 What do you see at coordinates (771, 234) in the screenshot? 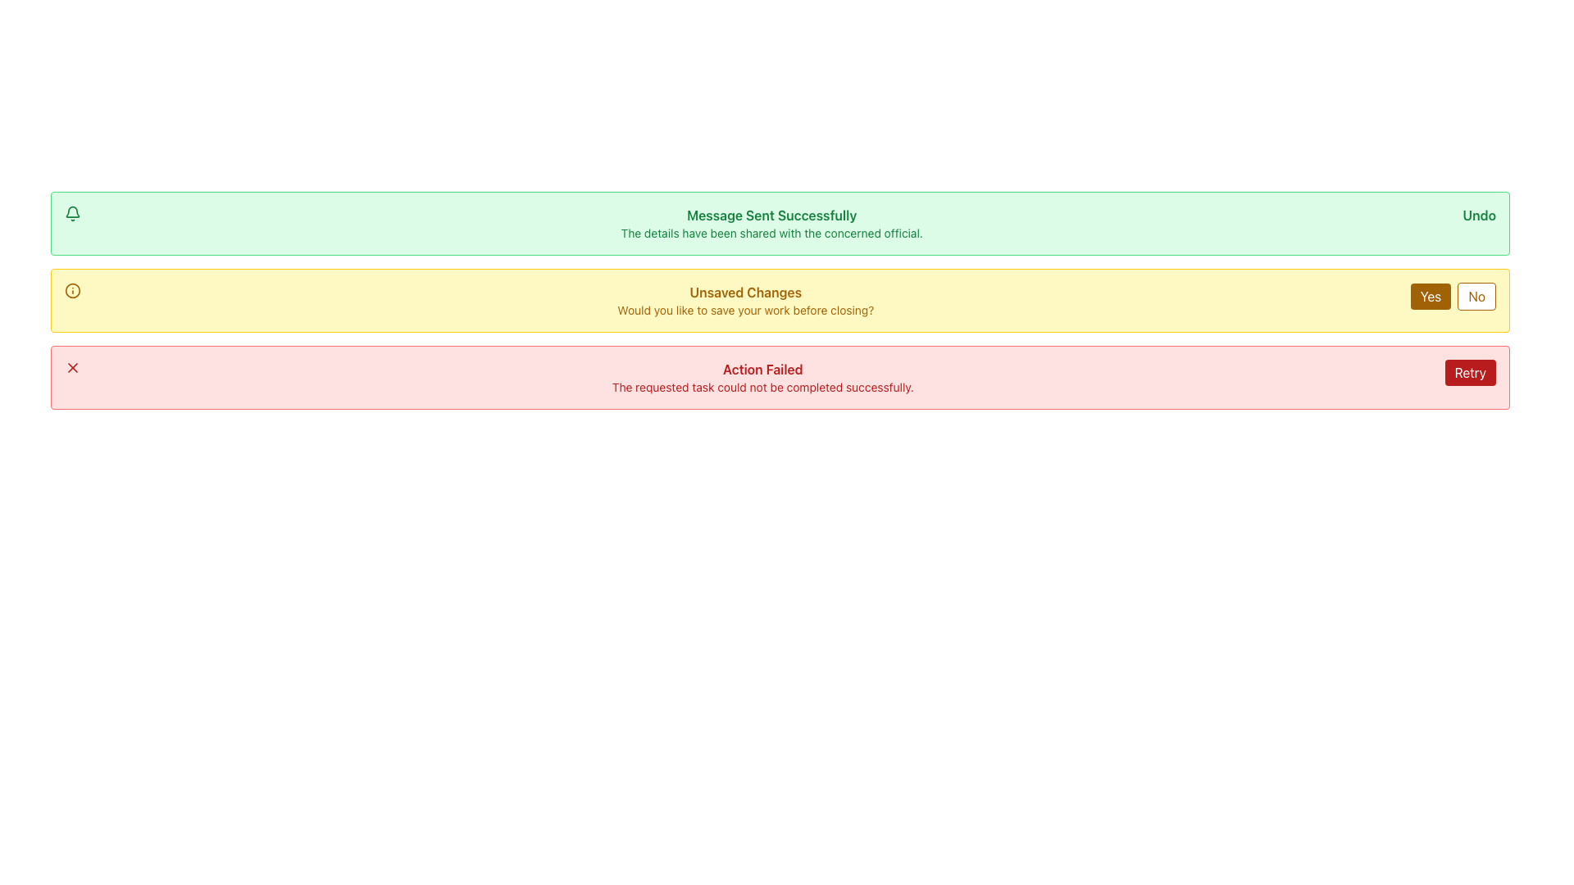
I see `informational text that says 'The details have been shared with the concerned official.' located below the heading 'Message Sent Successfully' in a green notification box` at bounding box center [771, 234].